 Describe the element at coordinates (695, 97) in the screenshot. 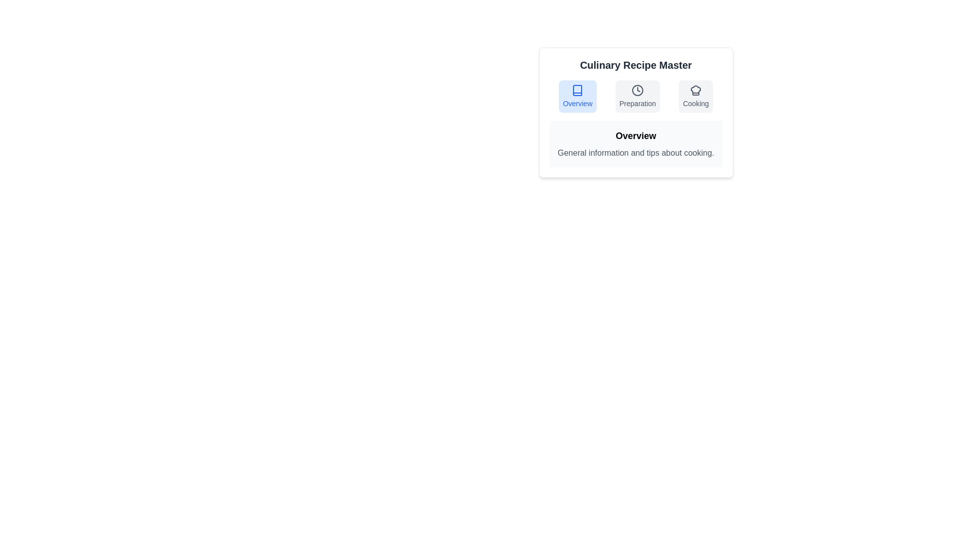

I see `the tab labeled Cooking to view its content` at that location.